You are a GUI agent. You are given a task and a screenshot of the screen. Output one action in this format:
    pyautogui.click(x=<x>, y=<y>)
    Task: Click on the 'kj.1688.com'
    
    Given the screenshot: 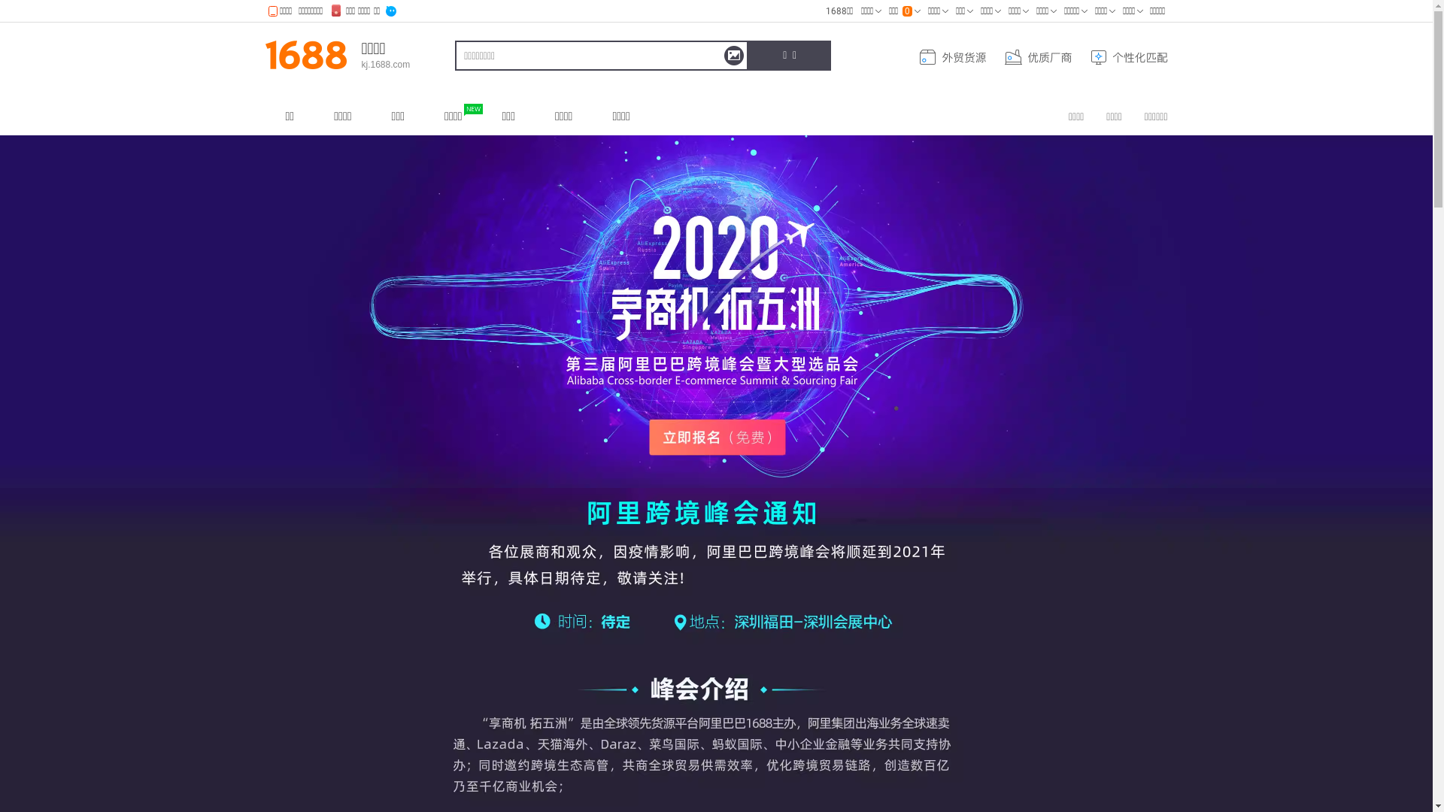 What is the action you would take?
    pyautogui.click(x=385, y=63)
    